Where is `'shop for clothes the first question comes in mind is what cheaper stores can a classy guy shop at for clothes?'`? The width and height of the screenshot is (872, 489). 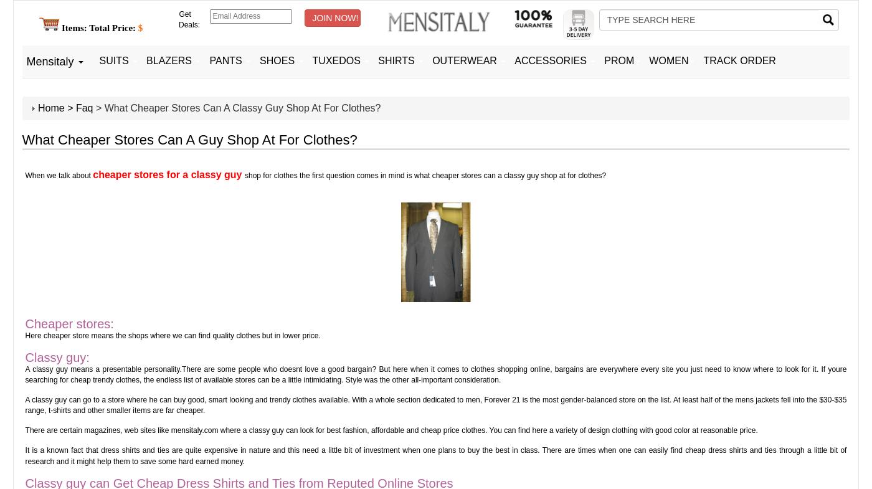 'shop for clothes the first question comes in mind is what cheaper stores can a classy guy shop at for clothes?' is located at coordinates (425, 174).